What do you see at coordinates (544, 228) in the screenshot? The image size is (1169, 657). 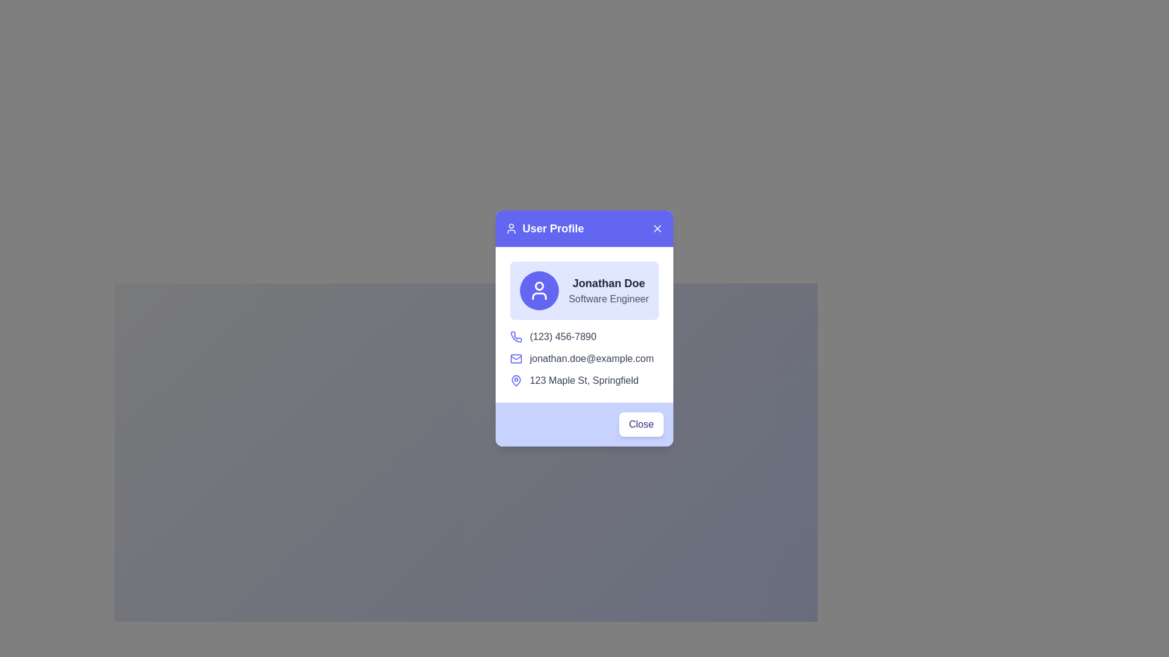 I see `the text label that reads 'User Profile', which is styled in bold and slightly larger font, located next to a user icon on an indigo background` at bounding box center [544, 228].